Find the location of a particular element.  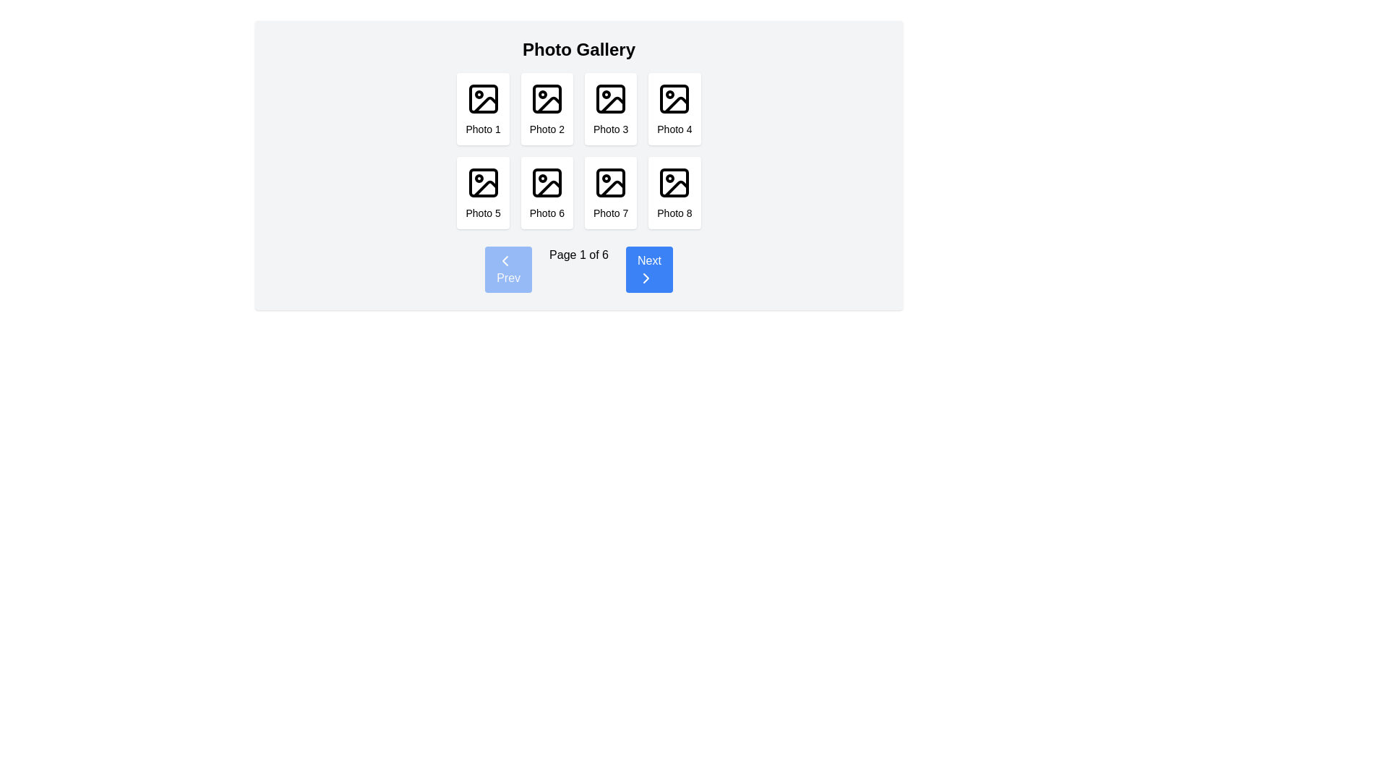

the text label reading 'Photo 3' is located at coordinates (611, 128).